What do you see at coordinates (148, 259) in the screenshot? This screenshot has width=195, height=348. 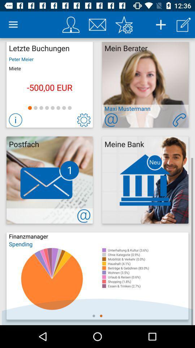 I see `the icon above the haushalt (4.1%) item` at bounding box center [148, 259].